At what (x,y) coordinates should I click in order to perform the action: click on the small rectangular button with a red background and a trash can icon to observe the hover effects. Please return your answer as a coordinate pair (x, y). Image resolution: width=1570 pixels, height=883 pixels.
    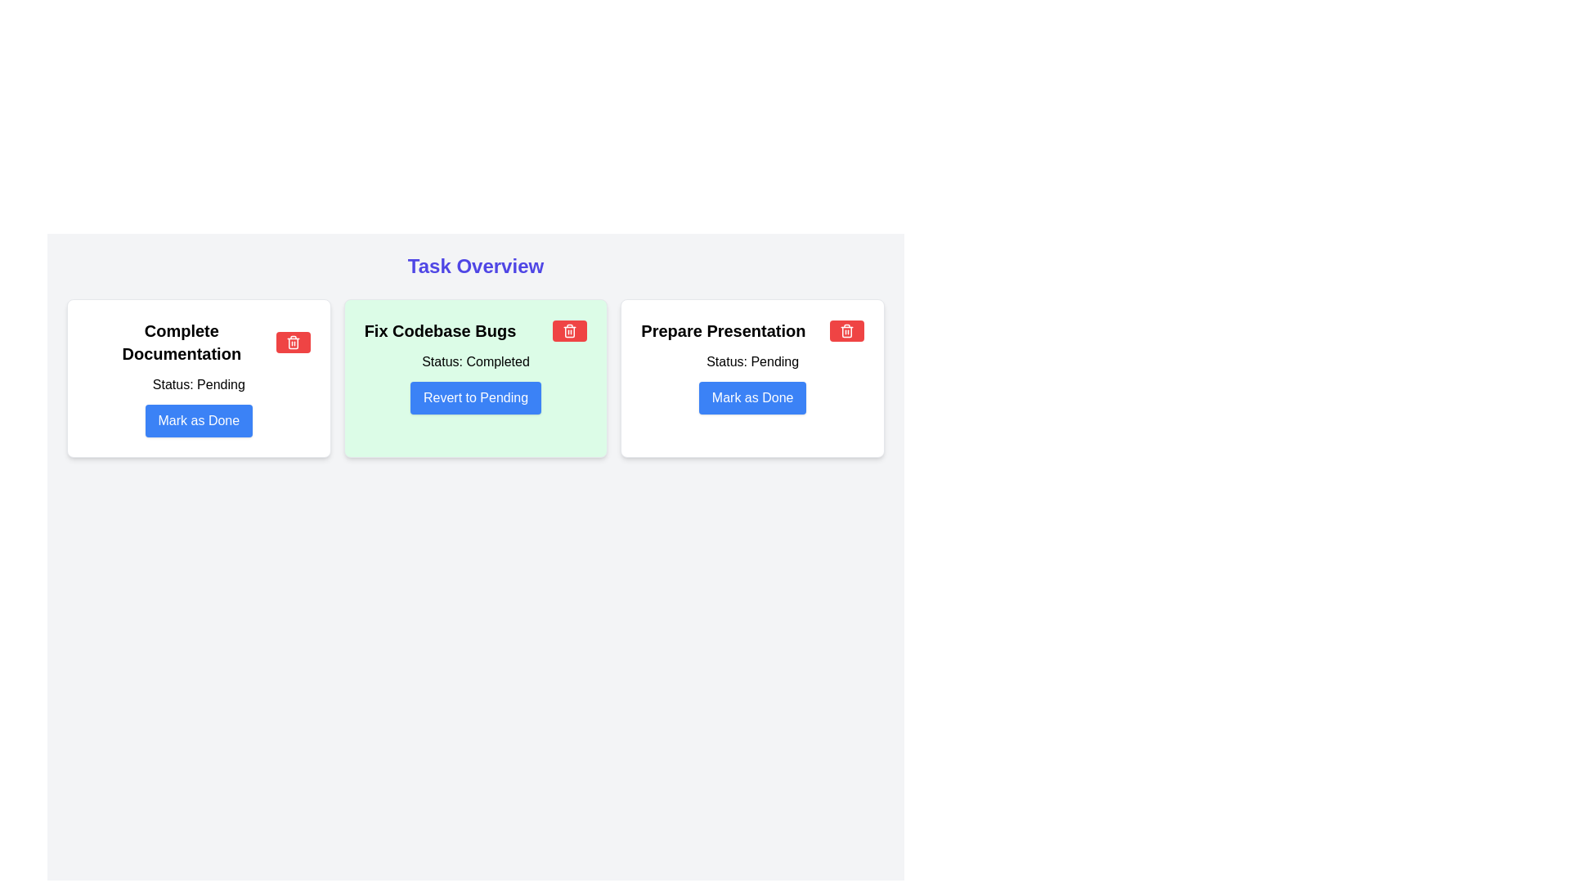
    Looking at the image, I should click on (293, 342).